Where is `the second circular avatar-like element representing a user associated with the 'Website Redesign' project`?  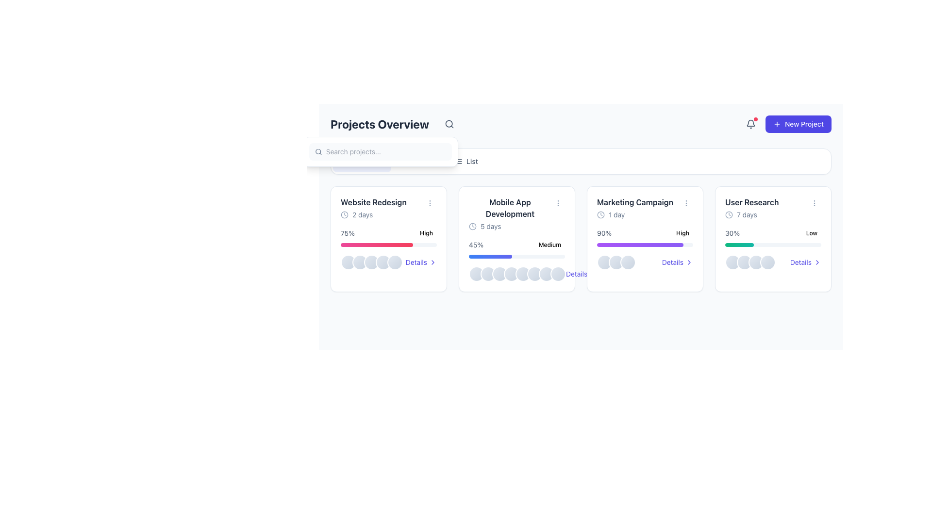
the second circular avatar-like element representing a user associated with the 'Website Redesign' project is located at coordinates (360, 262).